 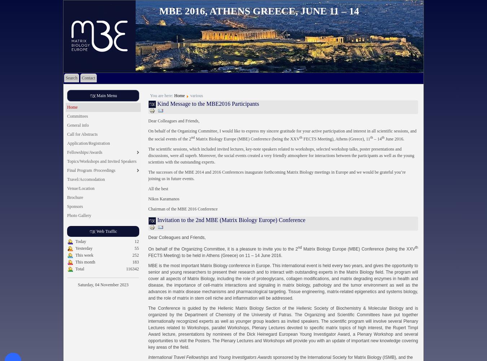 I want to click on 'Call for Abstracts', so click(x=82, y=134).